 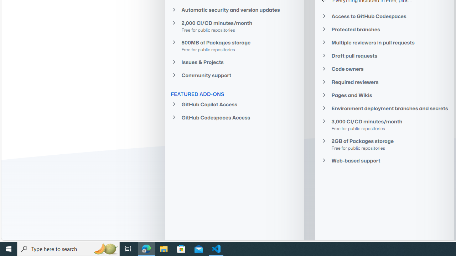 What do you see at coordinates (234, 75) in the screenshot?
I see `'Community support'` at bounding box center [234, 75].